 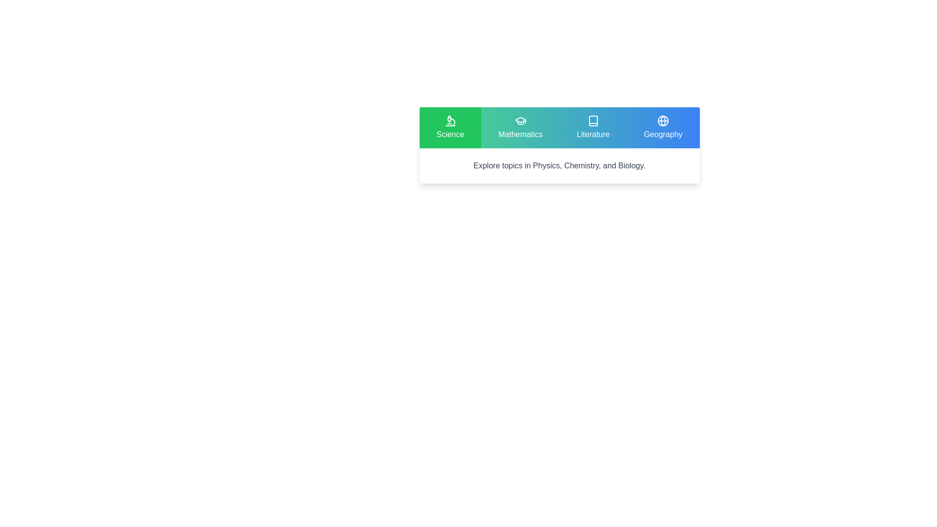 I want to click on the green rectangular button with a microscope icon and the text 'Science', so click(x=449, y=127).